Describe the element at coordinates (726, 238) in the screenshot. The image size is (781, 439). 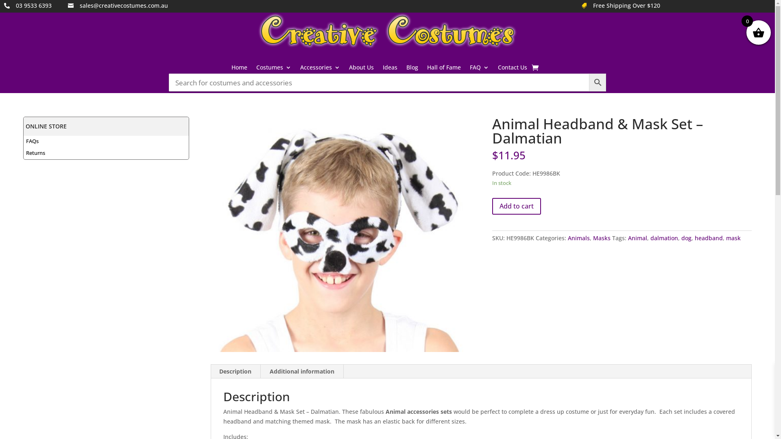
I see `'mask'` at that location.